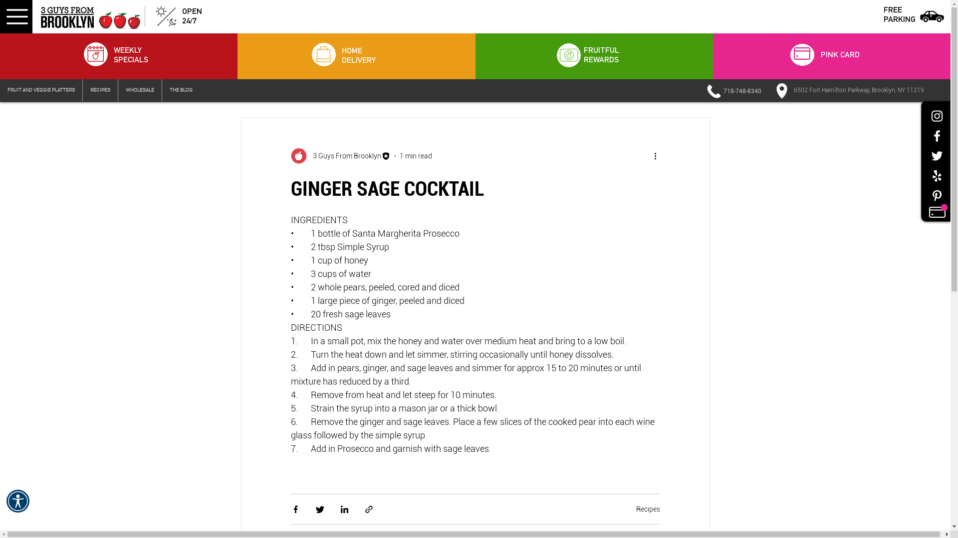 The image size is (958, 538). What do you see at coordinates (793, 90) in the screenshot?
I see `'6502 Fort Hamilton Parkway, Brooklyn, NY 11219'` at bounding box center [793, 90].